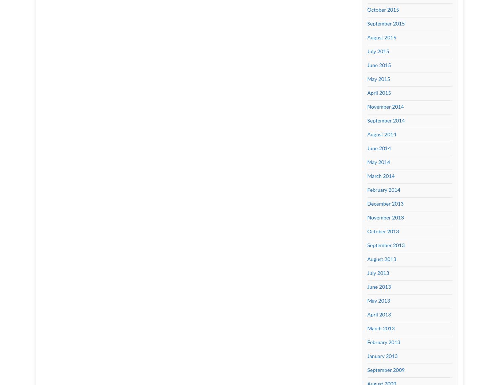  I want to click on 'September 2015', so click(385, 24).